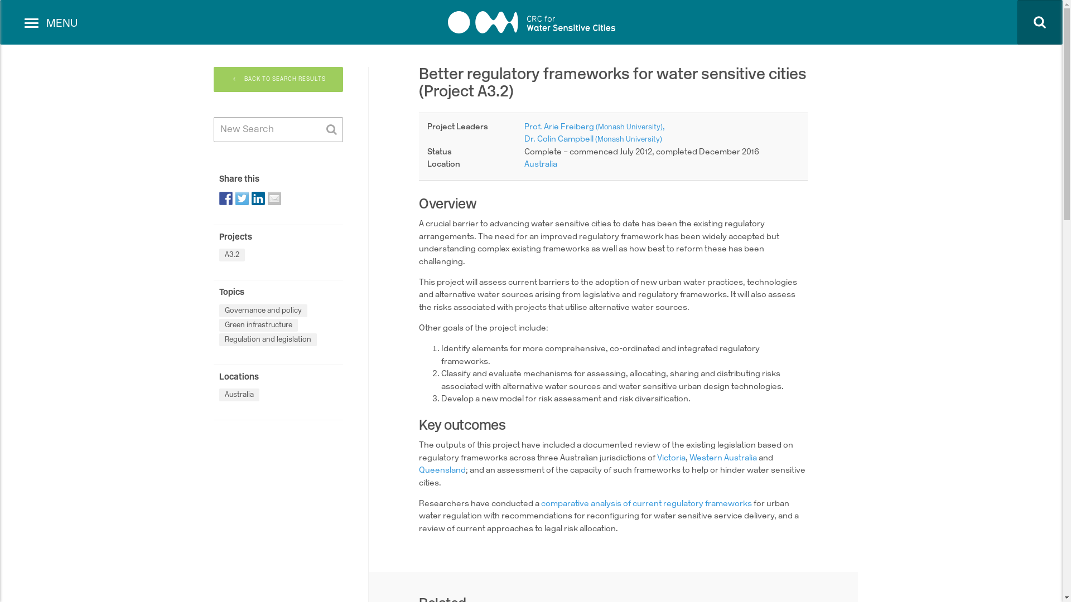  What do you see at coordinates (670, 458) in the screenshot?
I see `'Victoria'` at bounding box center [670, 458].